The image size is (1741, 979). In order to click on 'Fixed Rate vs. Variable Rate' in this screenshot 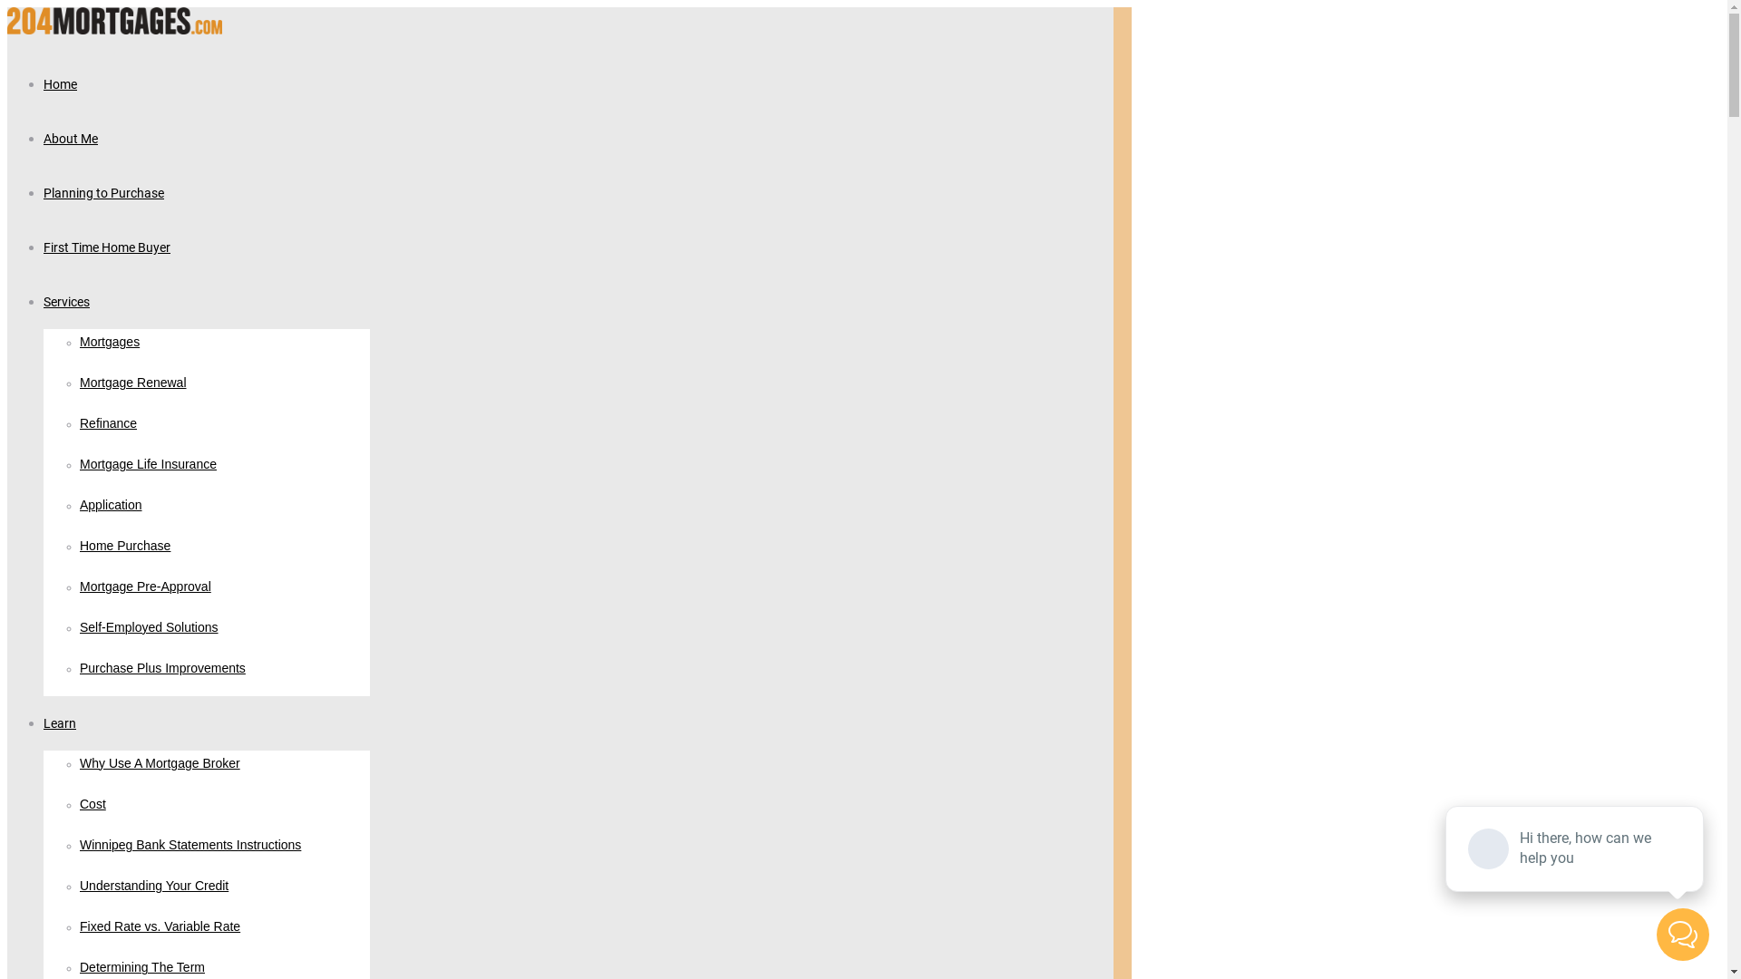, I will do `click(78, 926)`.